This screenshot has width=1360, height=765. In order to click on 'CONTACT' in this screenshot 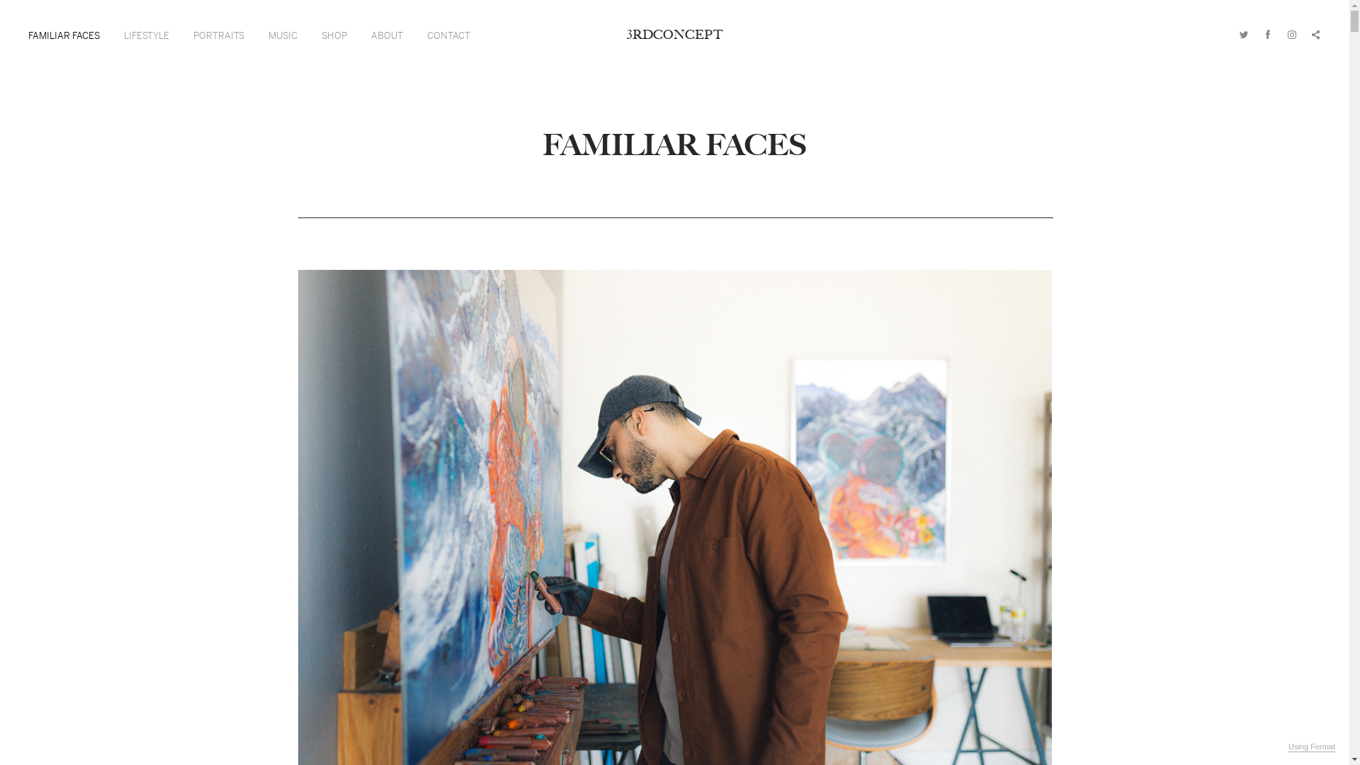, I will do `click(448, 35)`.